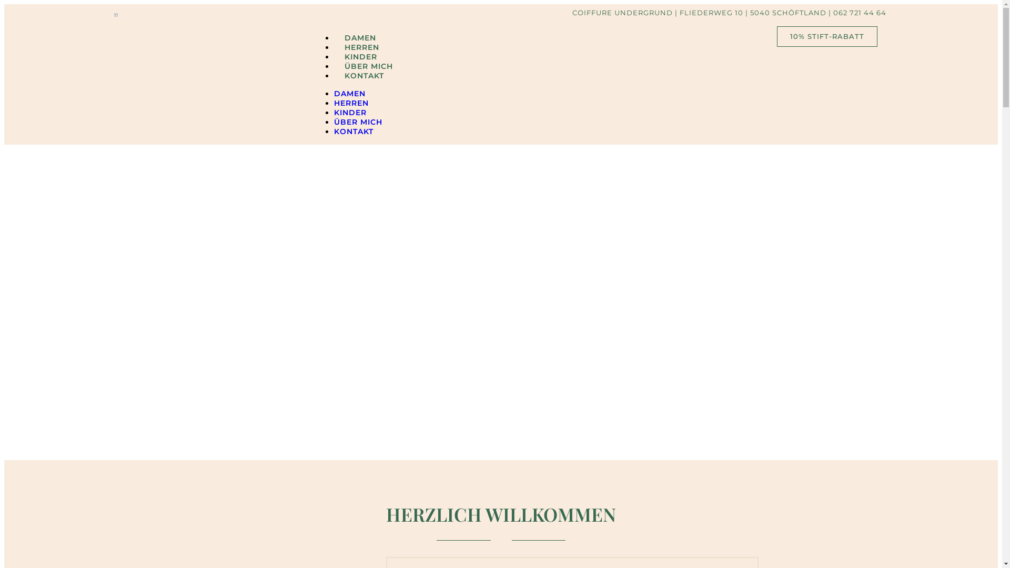 The height and width of the screenshot is (568, 1010). What do you see at coordinates (350, 93) in the screenshot?
I see `'DAMEN'` at bounding box center [350, 93].